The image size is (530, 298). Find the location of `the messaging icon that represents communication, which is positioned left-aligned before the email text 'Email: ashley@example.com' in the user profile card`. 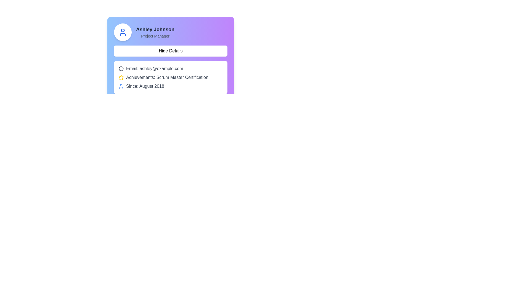

the messaging icon that represents communication, which is positioned left-aligned before the email text 'Email: ashley@example.com' in the user profile card is located at coordinates (121, 68).